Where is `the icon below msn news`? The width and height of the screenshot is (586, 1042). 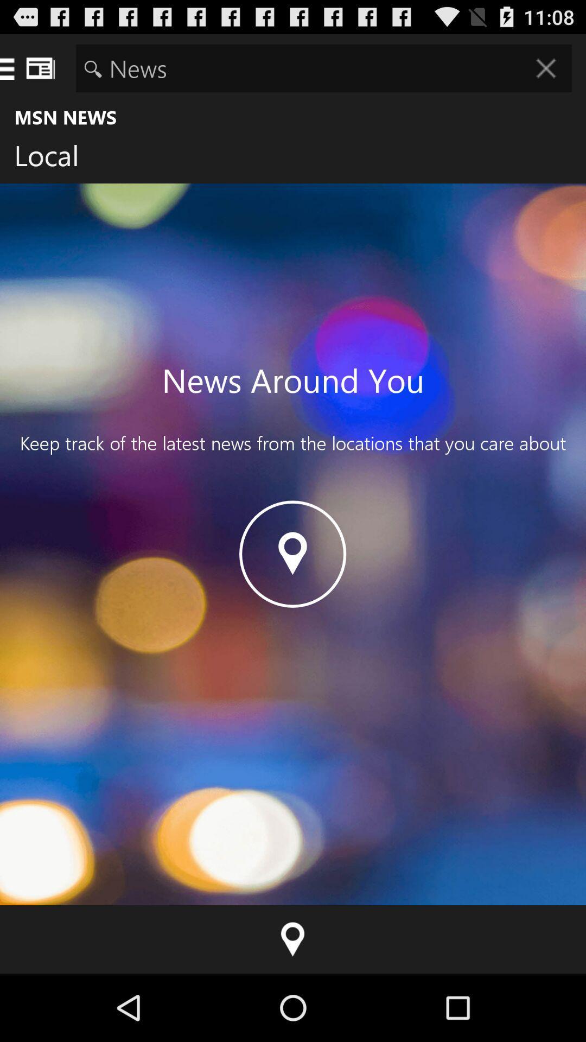 the icon below msn news is located at coordinates (55, 157).